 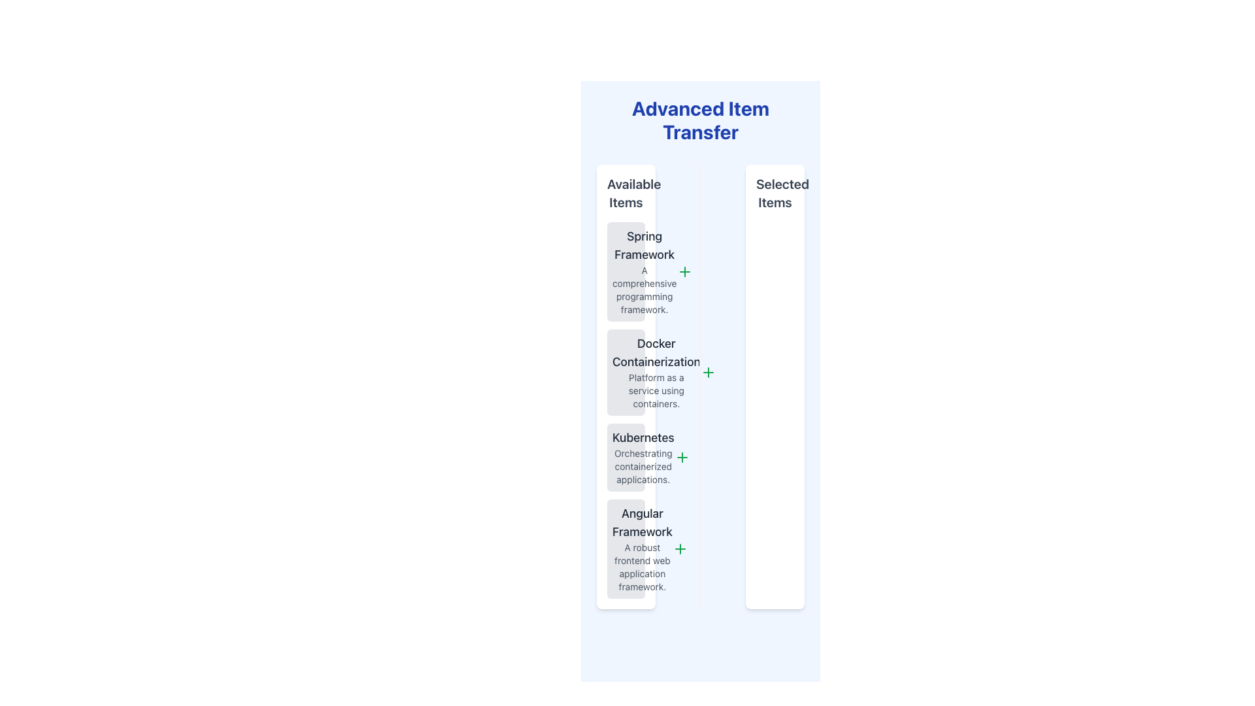 What do you see at coordinates (656, 373) in the screenshot?
I see `the 'Docker Containerization' text display component in the 'Available Items' column of the 'Advanced Item Transfer' interface` at bounding box center [656, 373].